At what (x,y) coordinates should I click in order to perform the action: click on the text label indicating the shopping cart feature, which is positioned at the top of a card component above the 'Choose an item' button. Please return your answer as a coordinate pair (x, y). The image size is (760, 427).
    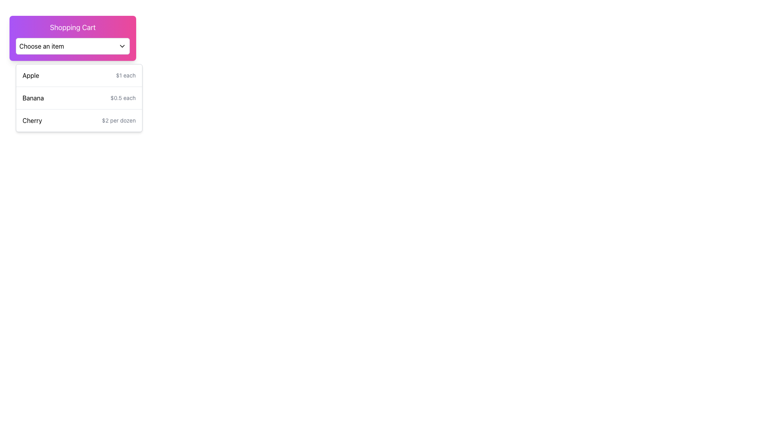
    Looking at the image, I should click on (72, 27).